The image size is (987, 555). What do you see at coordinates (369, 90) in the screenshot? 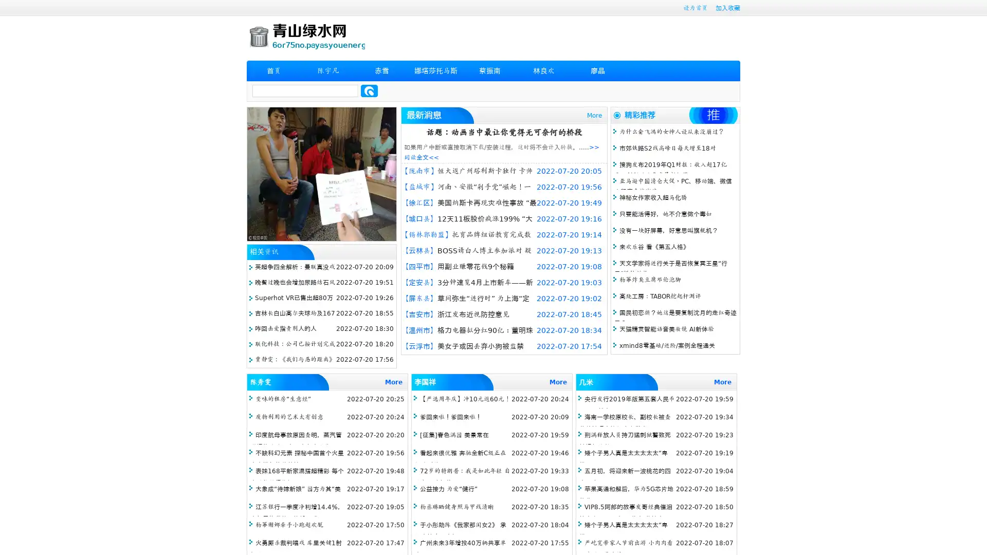
I see `Search` at bounding box center [369, 90].